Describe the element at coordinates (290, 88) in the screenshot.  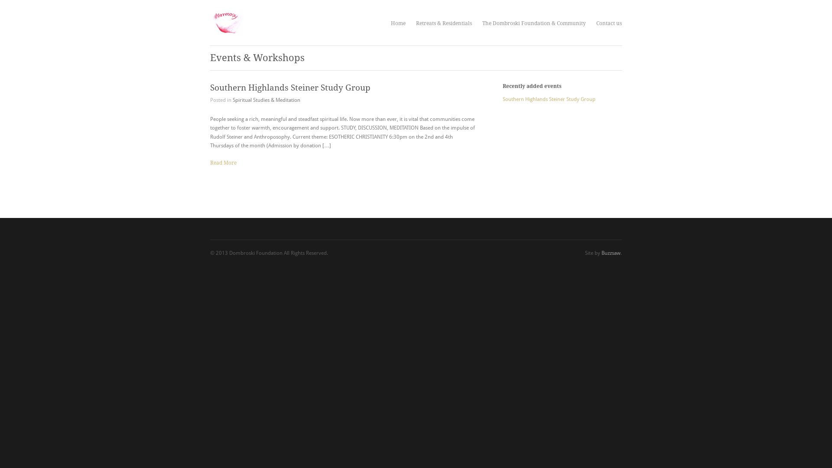
I see `'Southern Highlands Steiner Study Group'` at that location.